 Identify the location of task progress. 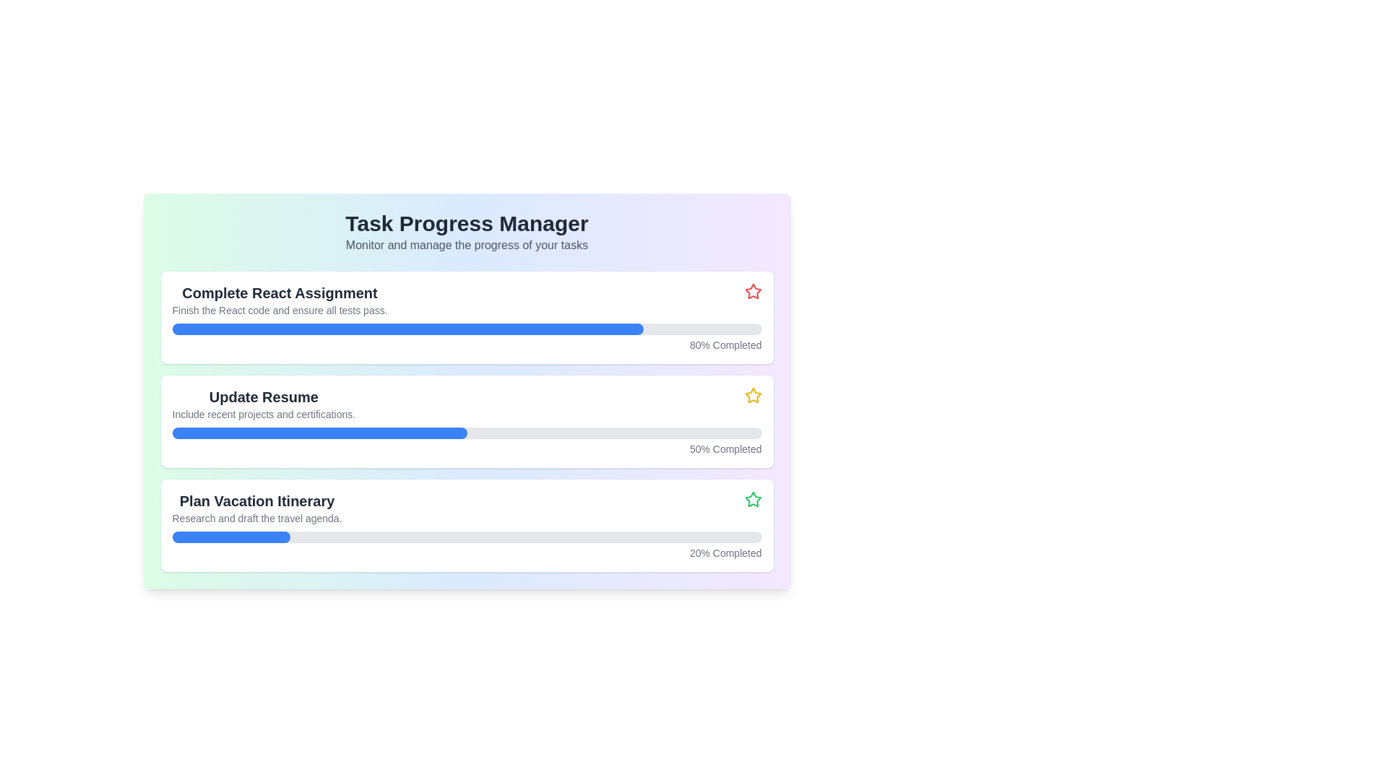
(284, 537).